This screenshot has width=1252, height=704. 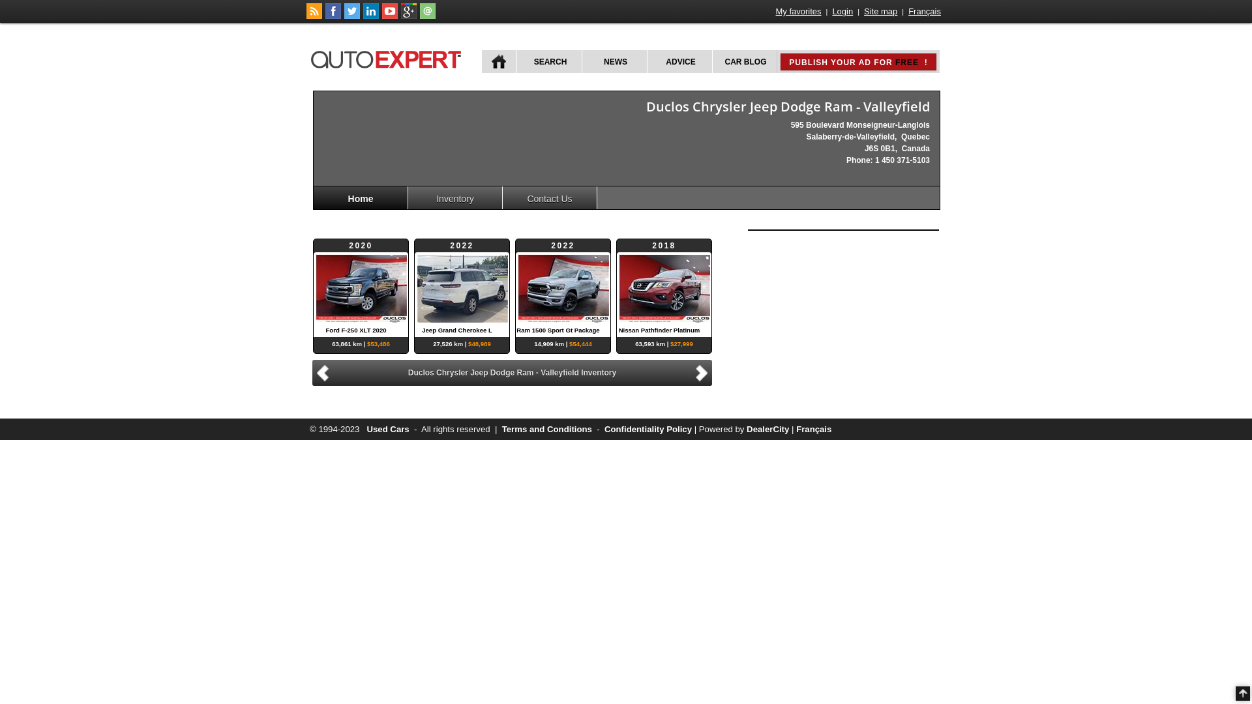 What do you see at coordinates (880, 11) in the screenshot?
I see `'Site map'` at bounding box center [880, 11].